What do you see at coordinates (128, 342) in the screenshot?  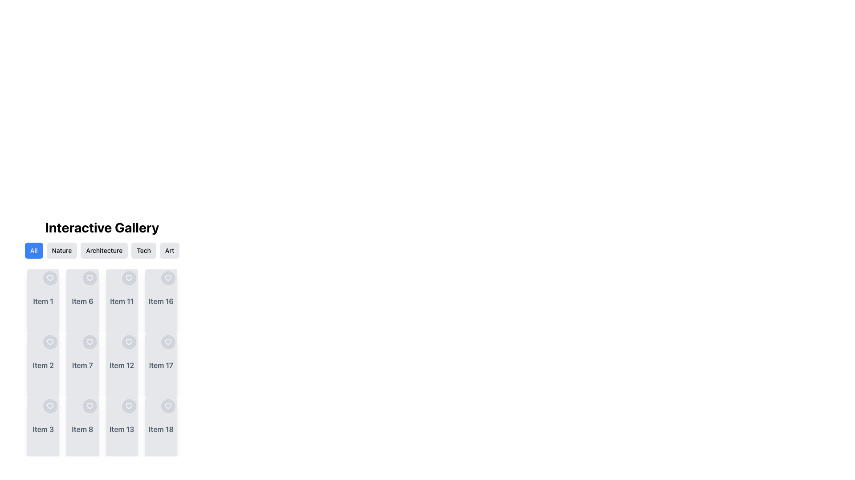 I see `the heart icon located in the twelfth grid item of the interactive gallery to mark the associated item as liked` at bounding box center [128, 342].